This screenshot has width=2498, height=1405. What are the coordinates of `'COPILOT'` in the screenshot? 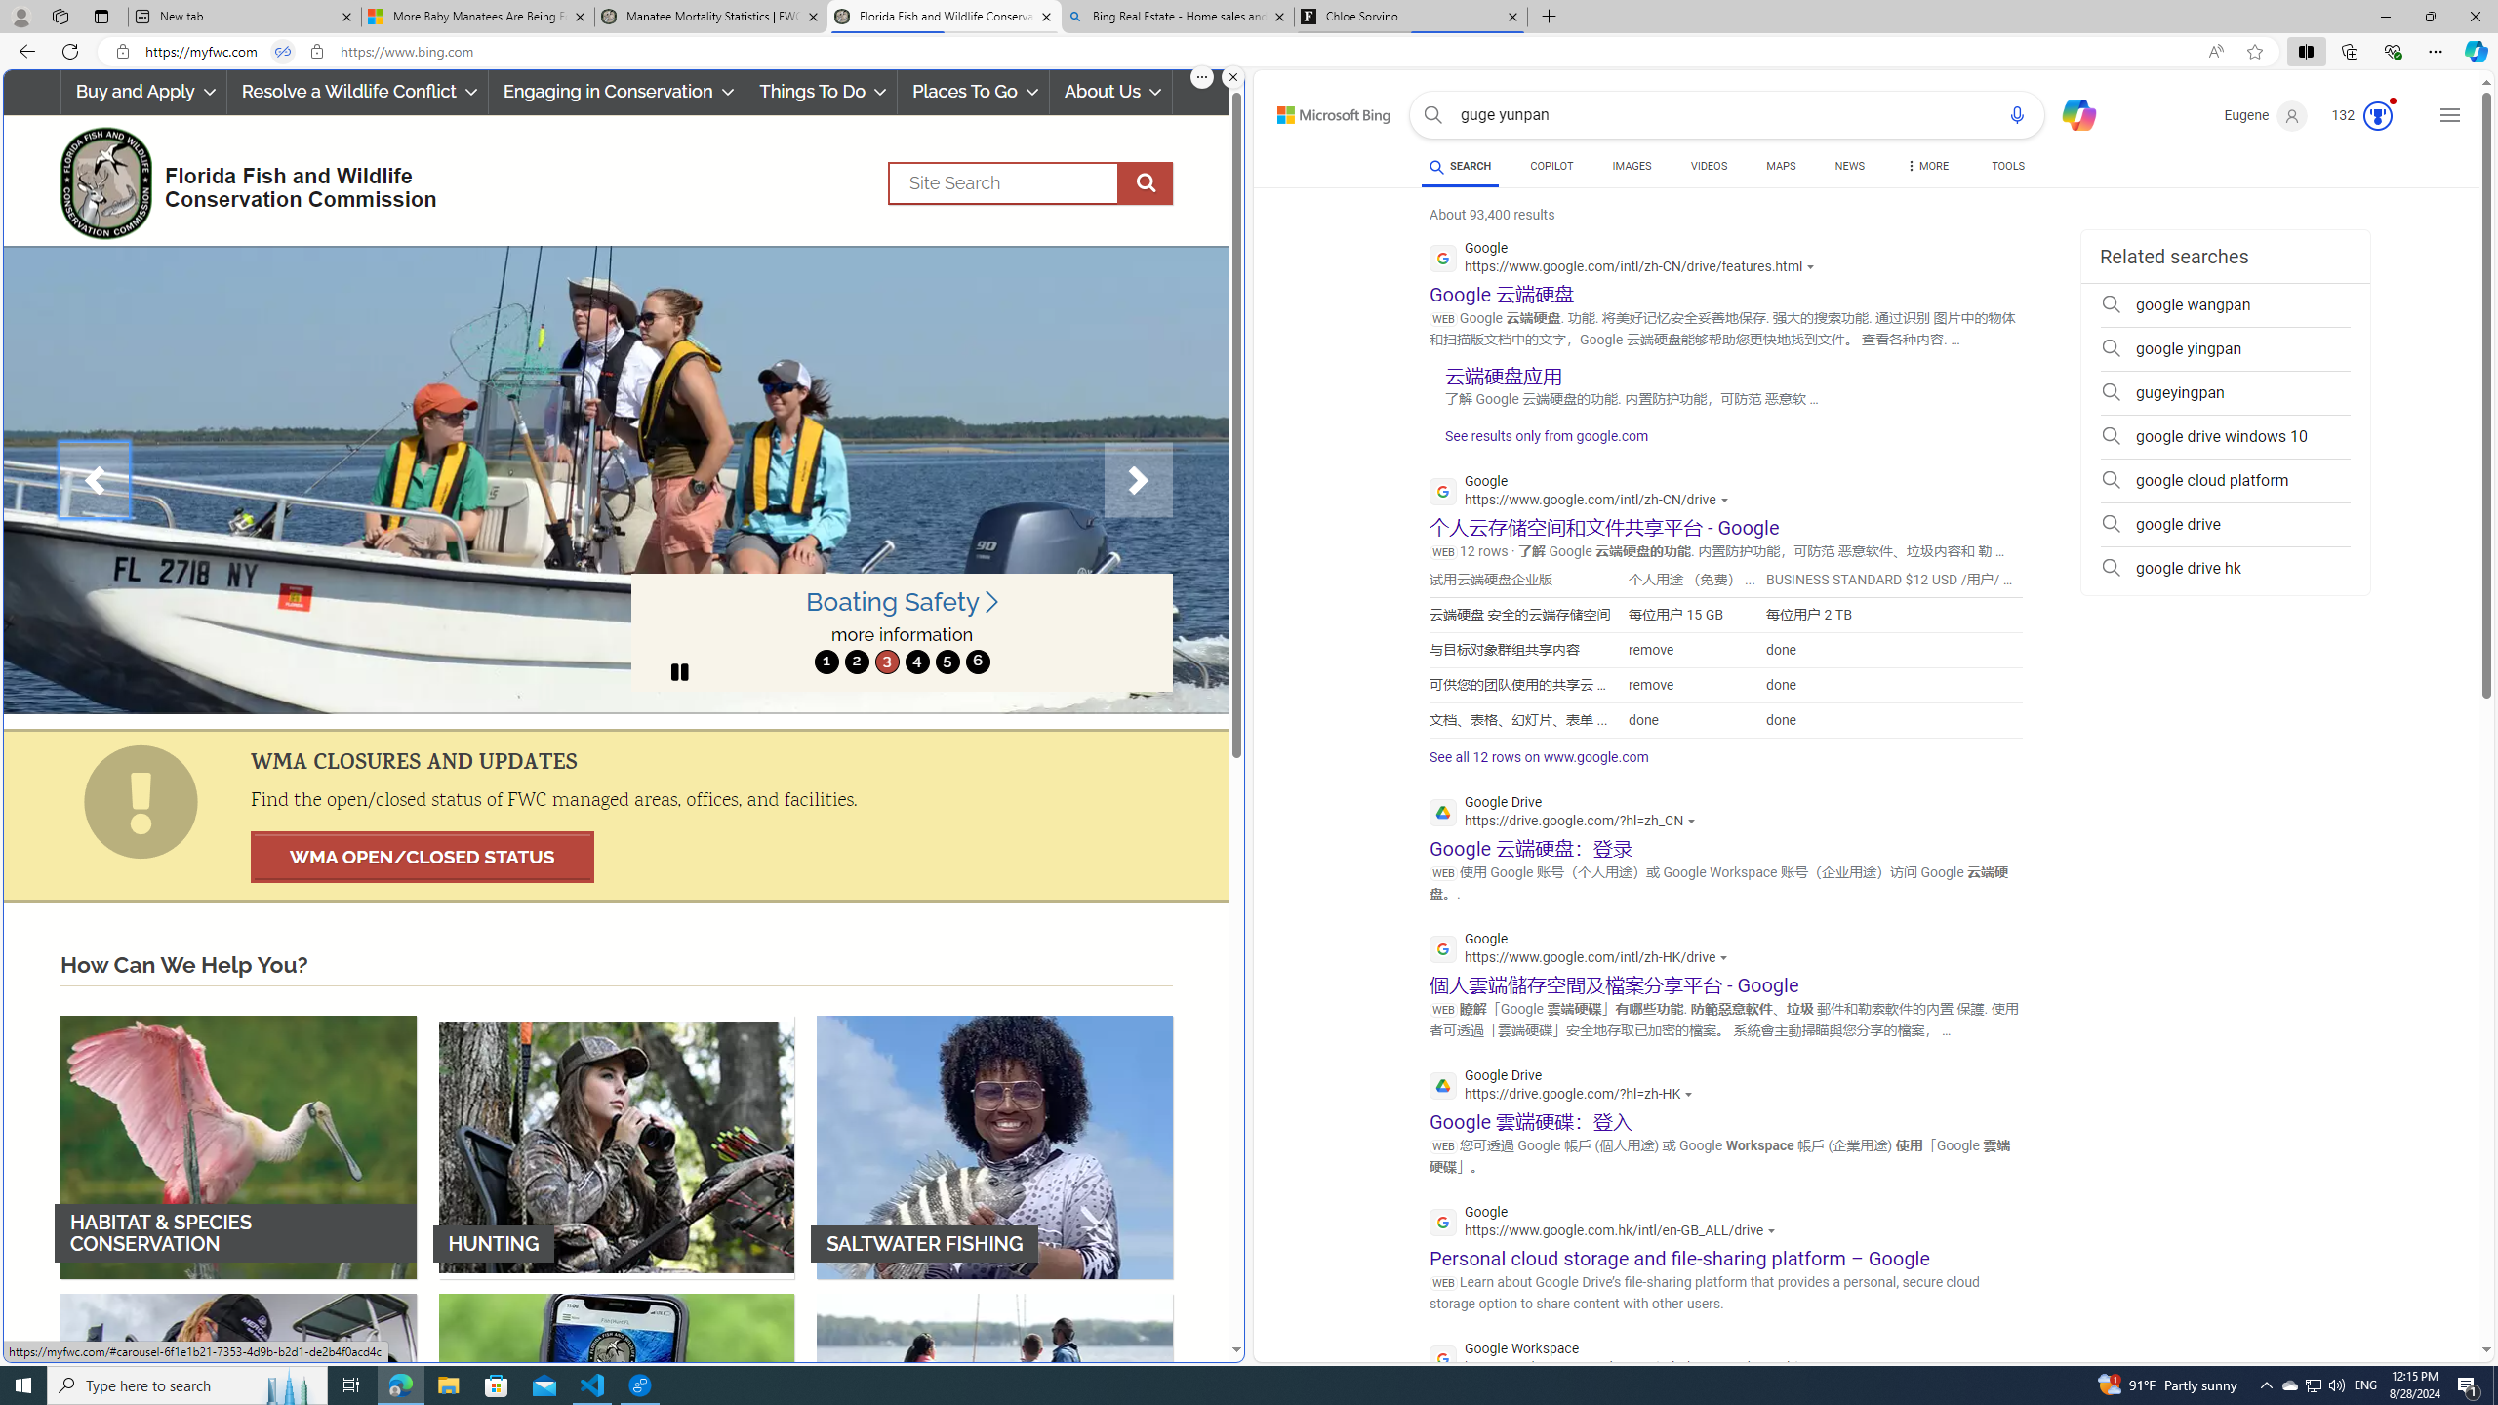 It's located at (1551, 168).